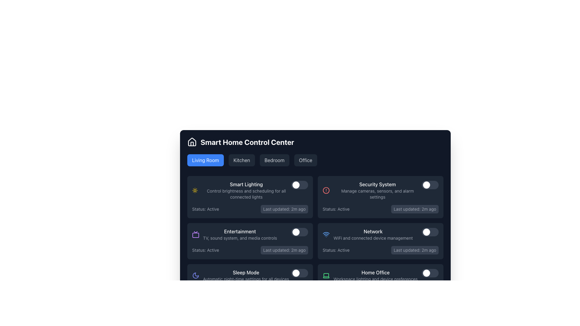  What do you see at coordinates (274, 160) in the screenshot?
I see `the 'Bedroom' button, which is a rectangular button with rounded corners, labeled in light gray font on a dark gray background` at bounding box center [274, 160].